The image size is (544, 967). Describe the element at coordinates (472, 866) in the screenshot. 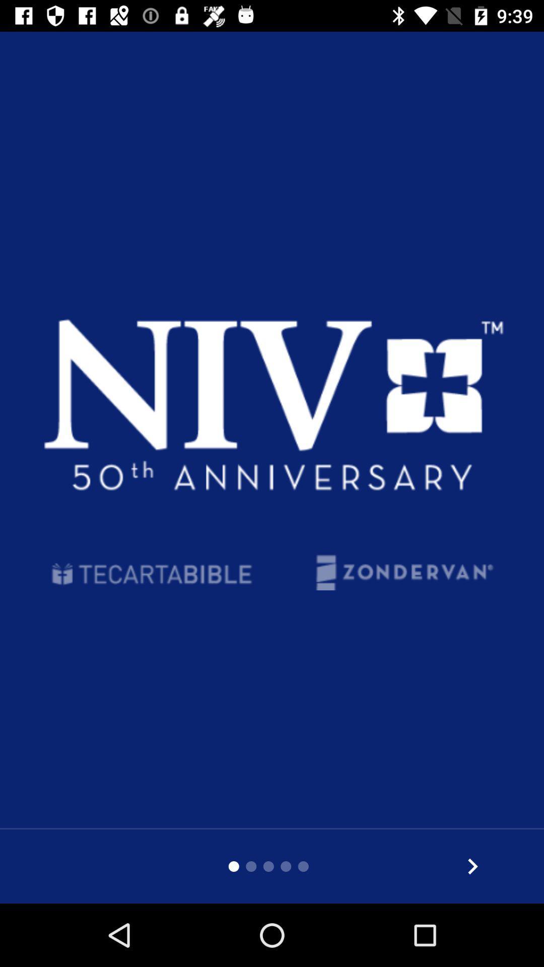

I see `world s most read and most trusted modern english bible translation` at that location.